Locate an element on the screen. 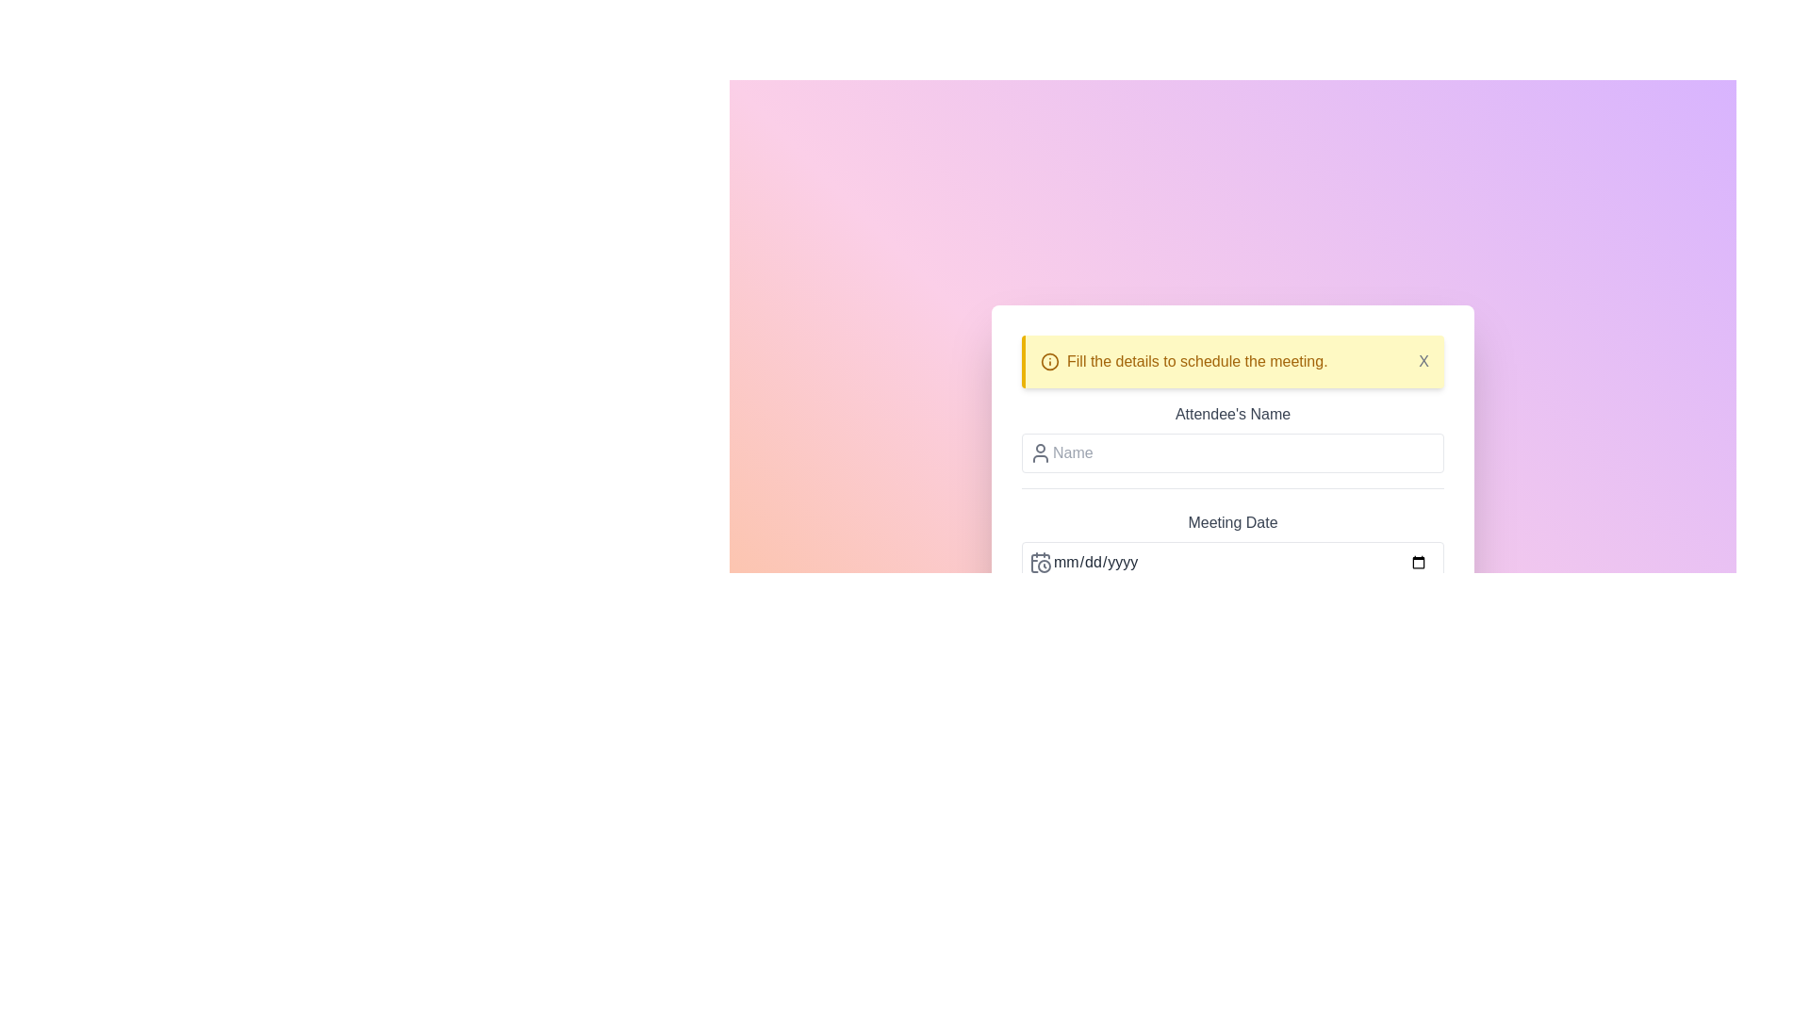  the Informational Icon, which is a circular icon with a border and a central symbol, located in the top-left corner of a notification box with a yellow background, positioned to the left of the text 'Fill the details to schedule the meeting.' is located at coordinates (1048, 362).